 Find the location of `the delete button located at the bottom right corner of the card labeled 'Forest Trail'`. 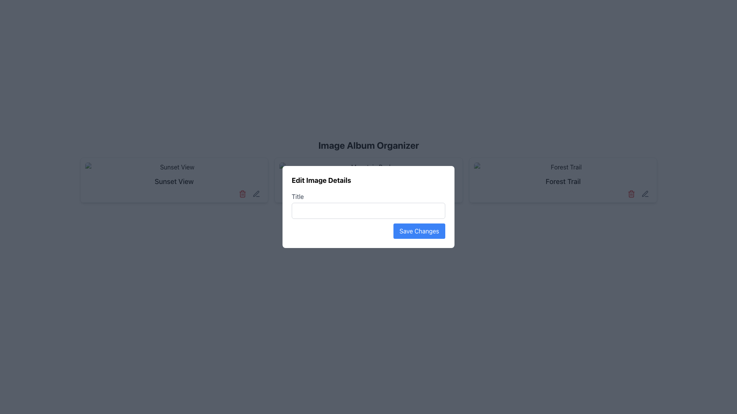

the delete button located at the bottom right corner of the card labeled 'Forest Trail' is located at coordinates (631, 193).